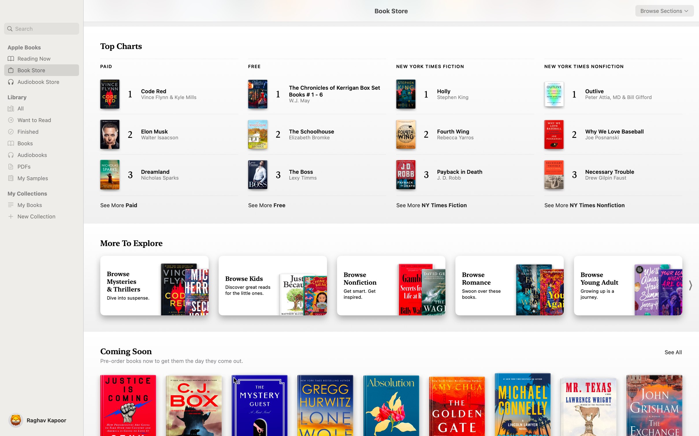 This screenshot has width=699, height=436. Describe the element at coordinates (1315168, 486576) in the screenshot. I see `Move forward to view forthcoming titles` at that location.